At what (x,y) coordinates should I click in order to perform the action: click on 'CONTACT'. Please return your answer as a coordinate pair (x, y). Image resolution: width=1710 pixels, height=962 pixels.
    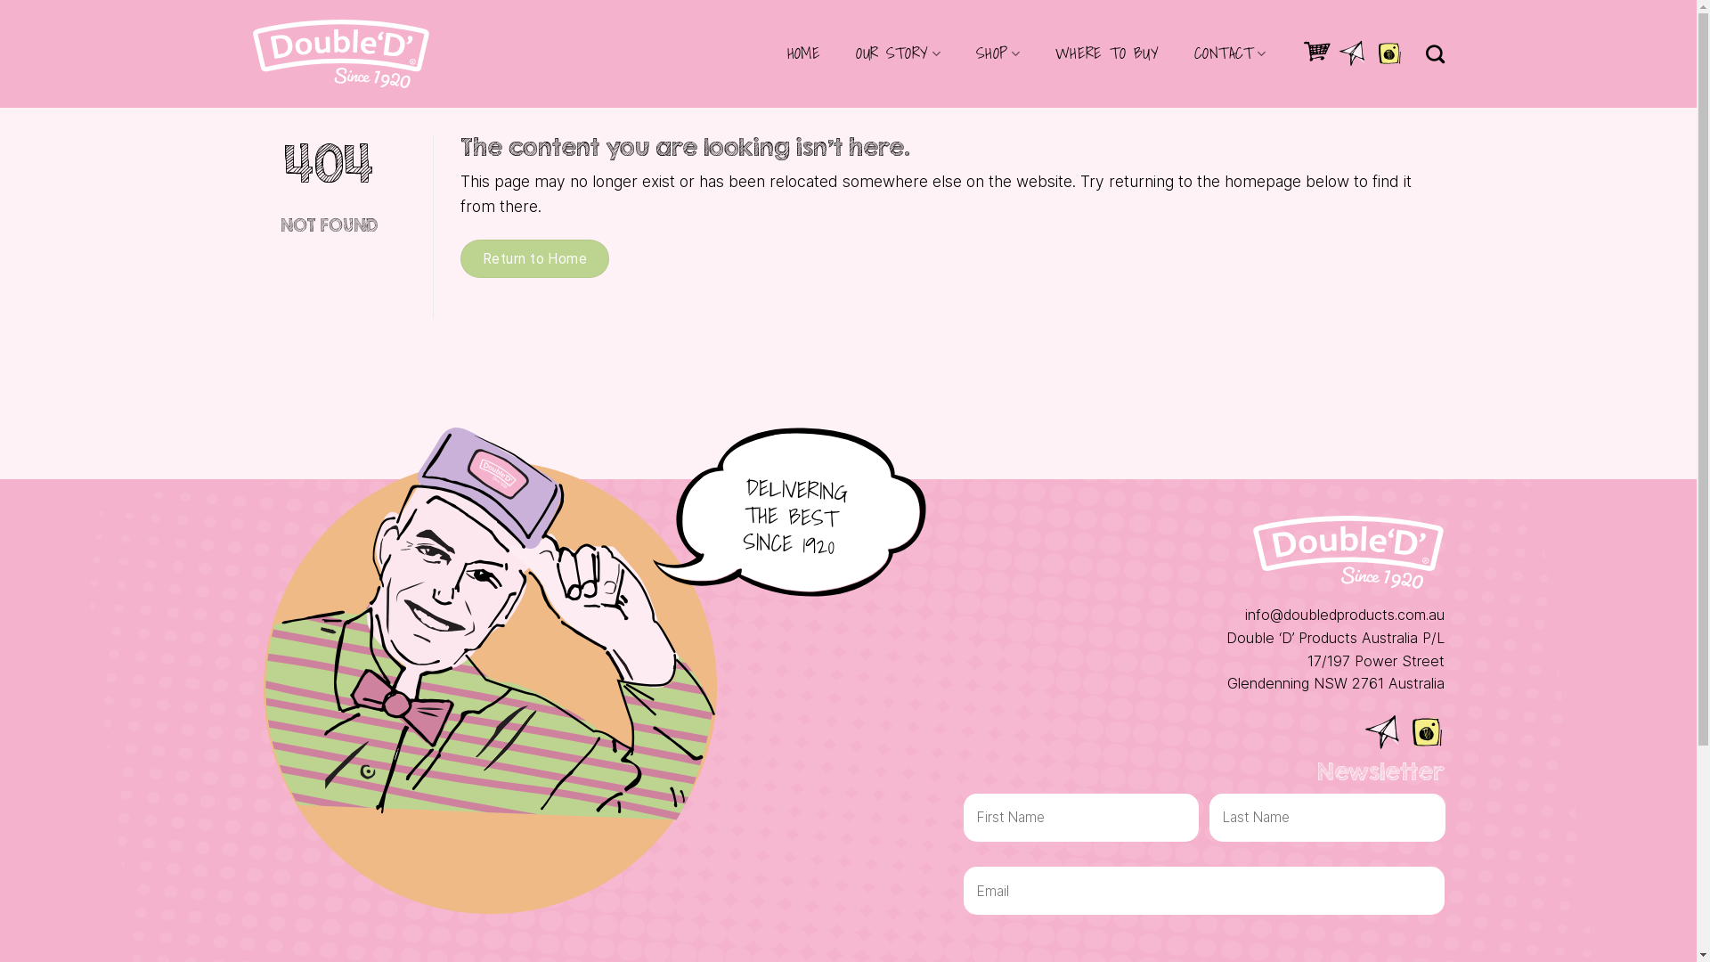
    Looking at the image, I should click on (1229, 53).